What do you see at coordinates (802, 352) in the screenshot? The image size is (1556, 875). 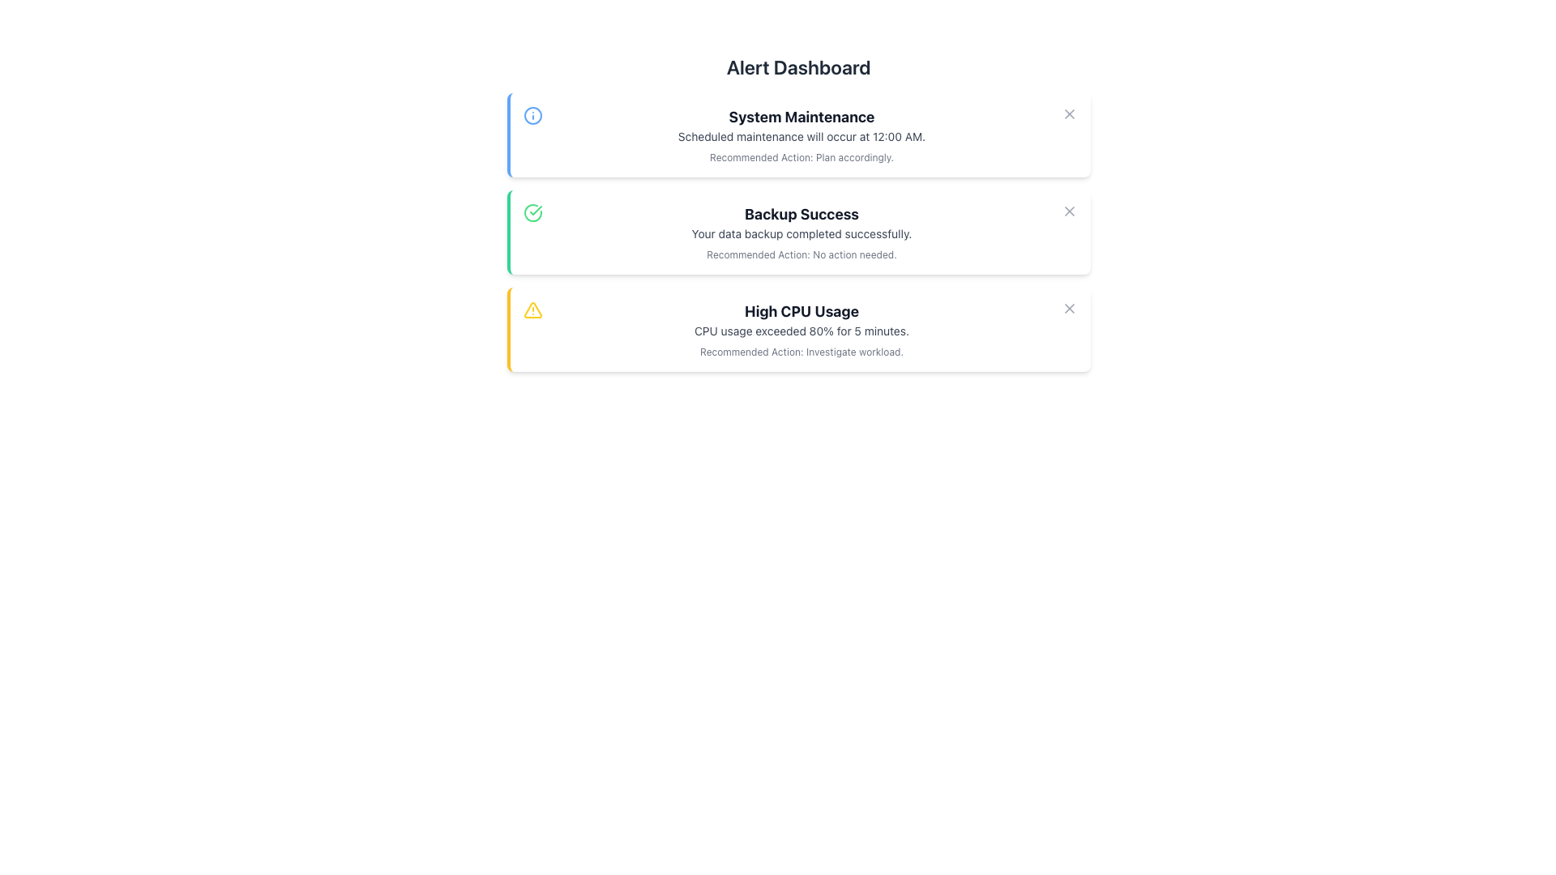 I see `the text label displaying 'Recommended Action: Investigate workload.' which is located below the warning message 'High CPU Usage' in a yellow-highlighted notification box` at bounding box center [802, 352].